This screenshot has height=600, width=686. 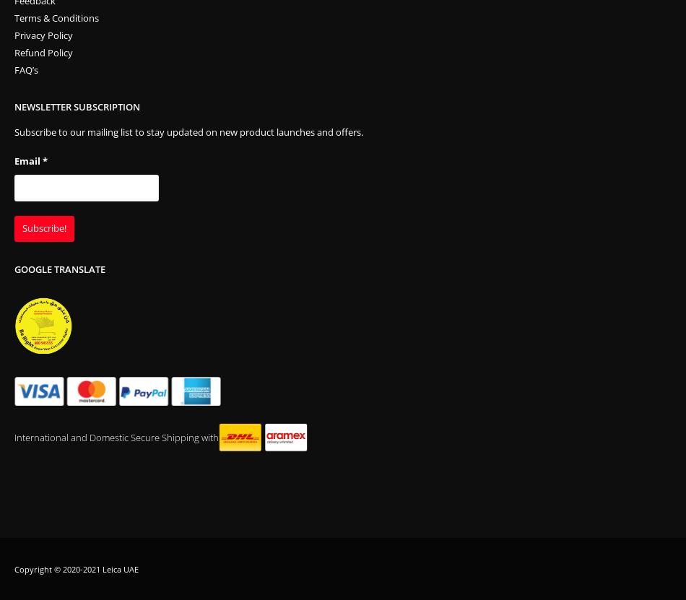 What do you see at coordinates (77, 568) in the screenshot?
I see `'Copyright © 2020-2021 Leica UAE'` at bounding box center [77, 568].